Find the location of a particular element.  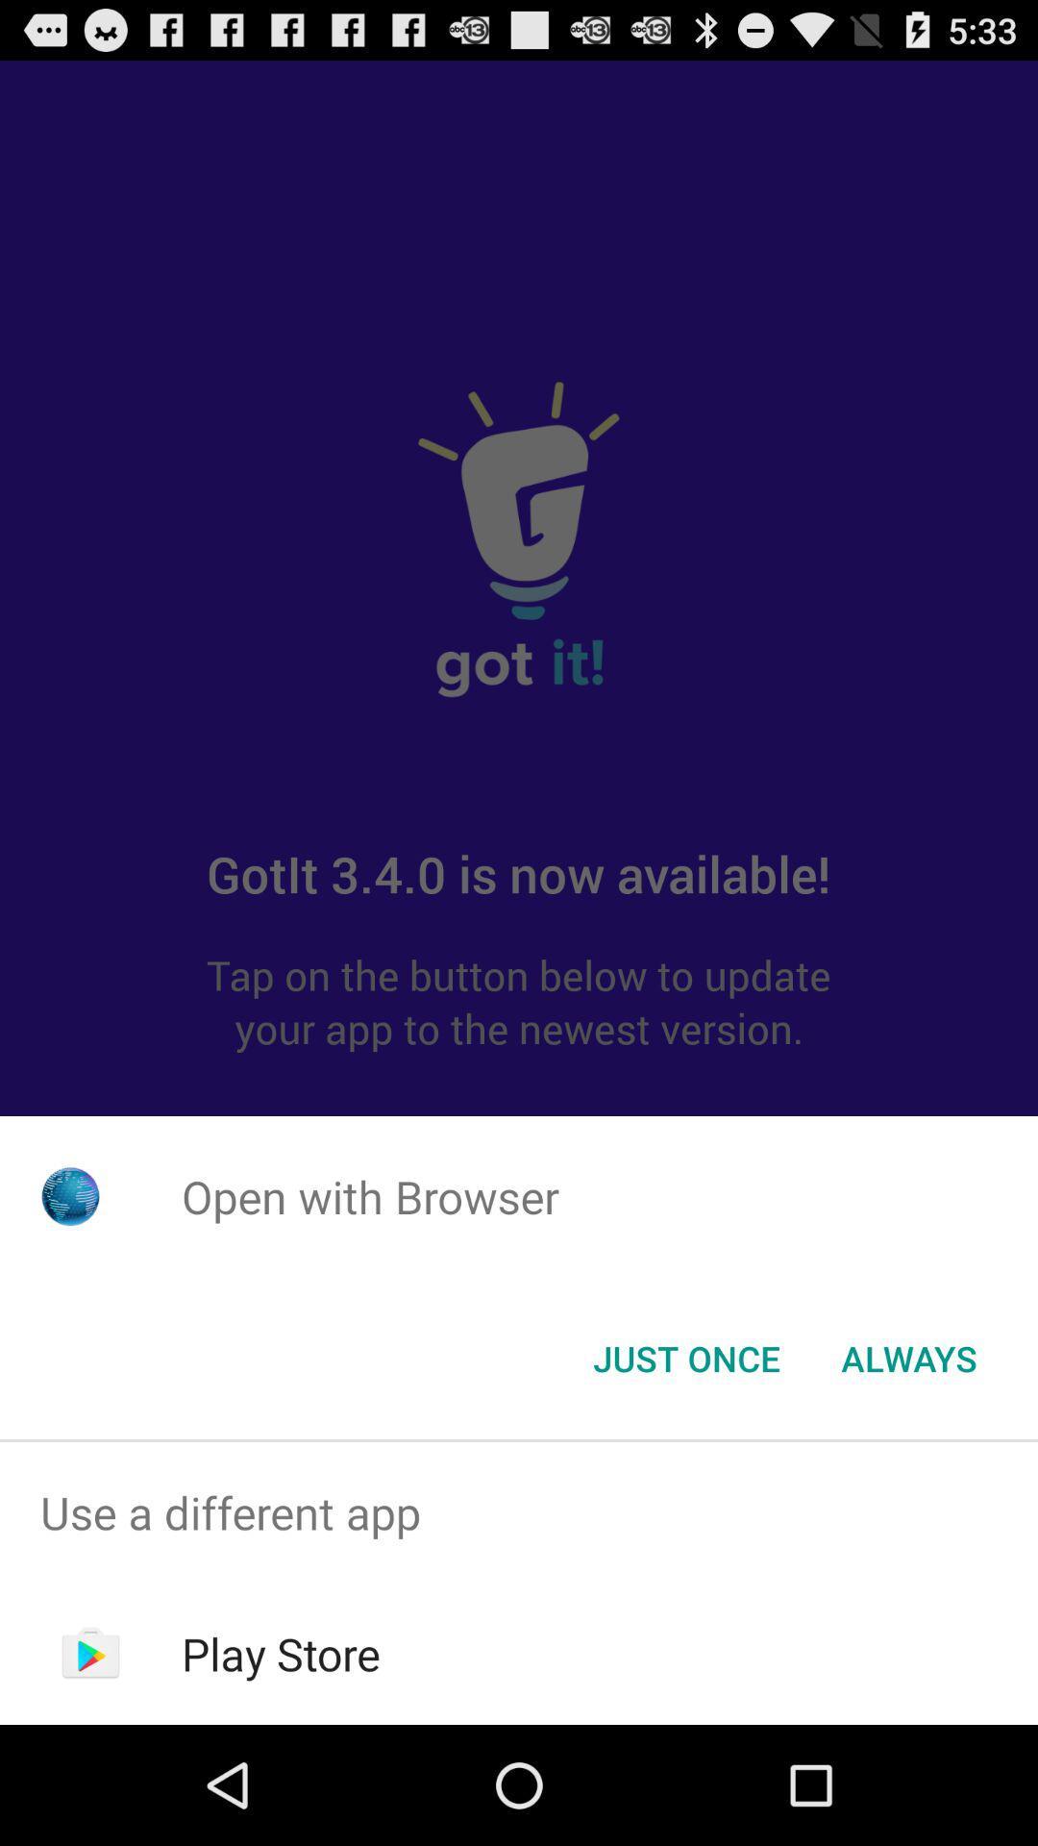

button next to the just once icon is located at coordinates (908, 1357).